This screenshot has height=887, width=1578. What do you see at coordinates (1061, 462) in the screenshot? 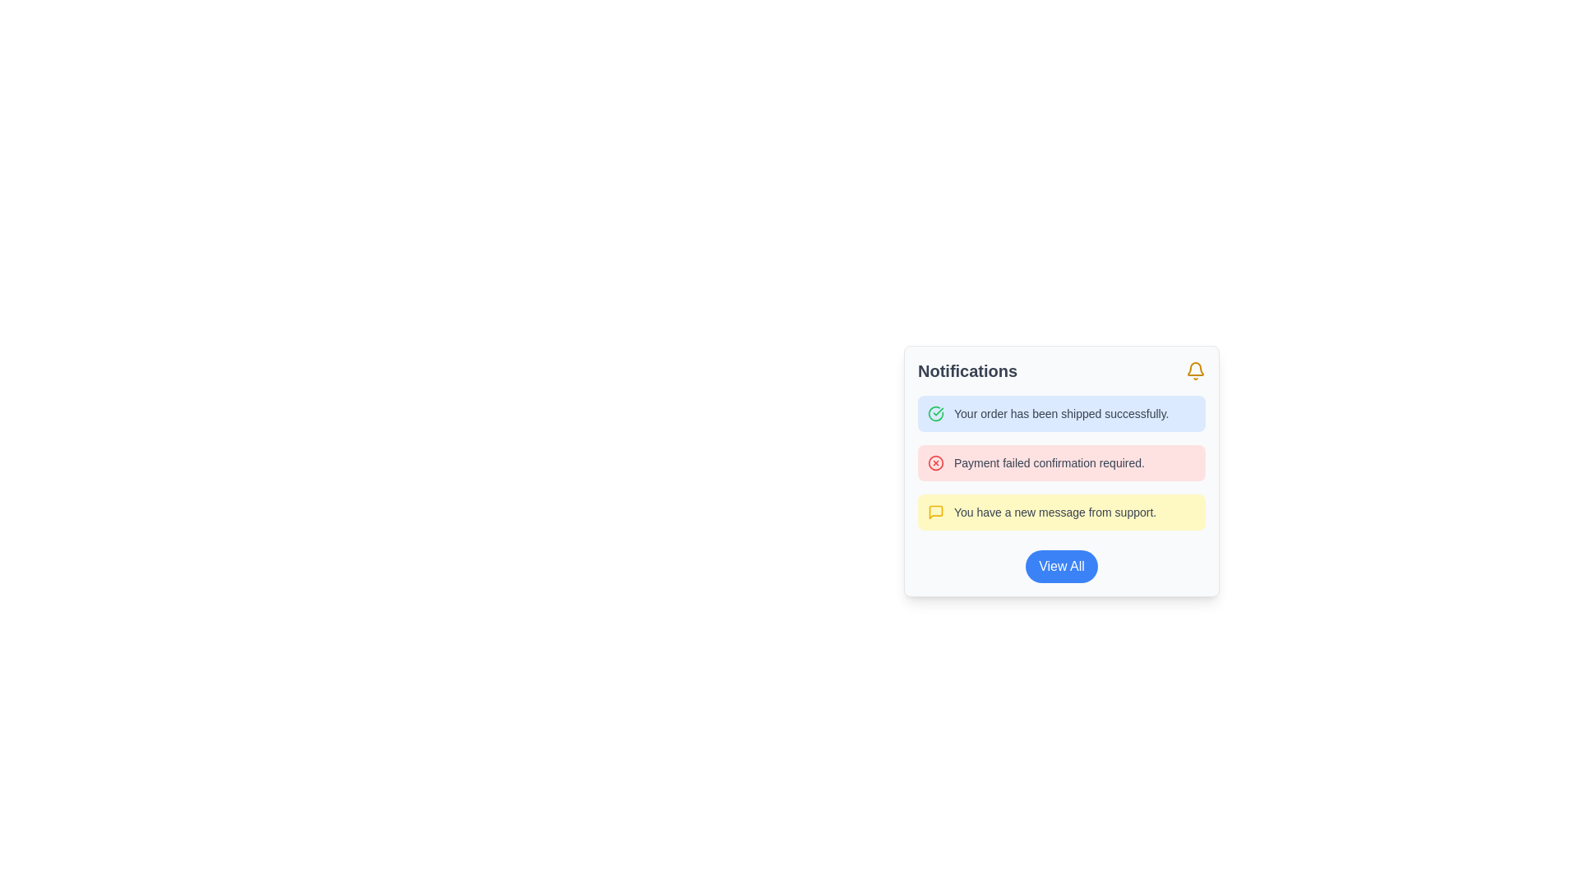
I see `the second notification in the notification card that indicates a failed payment, positioned between the notifications for 'Your order has been shipped successfully.' above and 'You have a new message from support.' below` at bounding box center [1061, 462].